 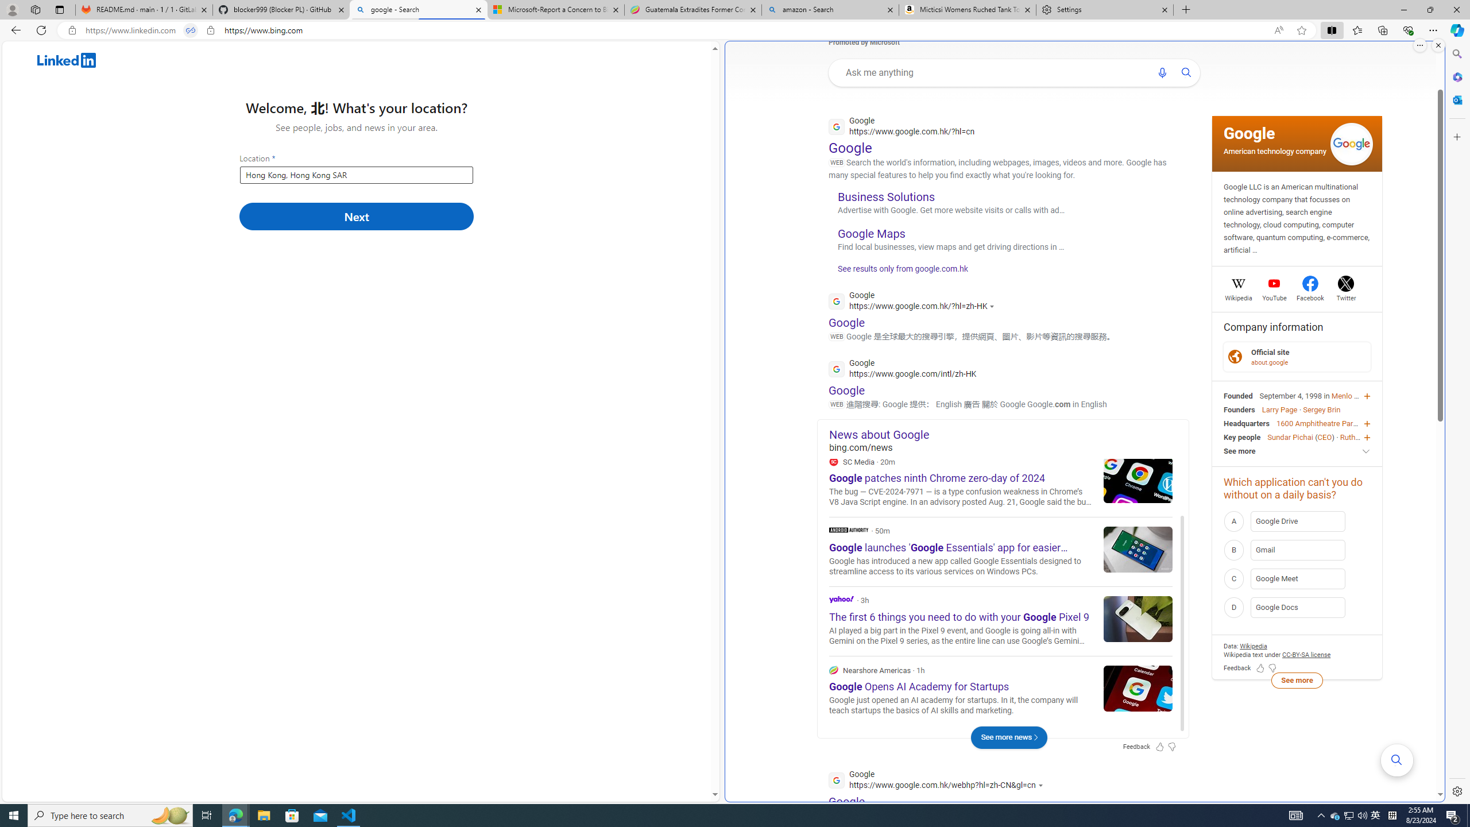 I want to click on 'Facebook', so click(x=1310, y=296).